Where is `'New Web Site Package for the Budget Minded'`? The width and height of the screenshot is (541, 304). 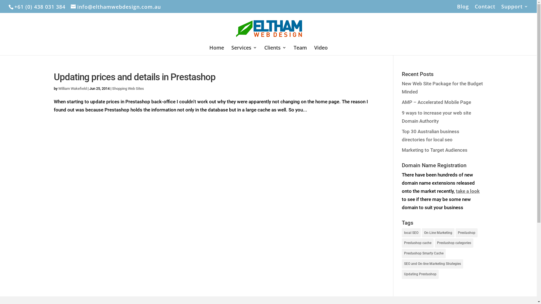 'New Web Site Package for the Budget Minded' is located at coordinates (401, 88).